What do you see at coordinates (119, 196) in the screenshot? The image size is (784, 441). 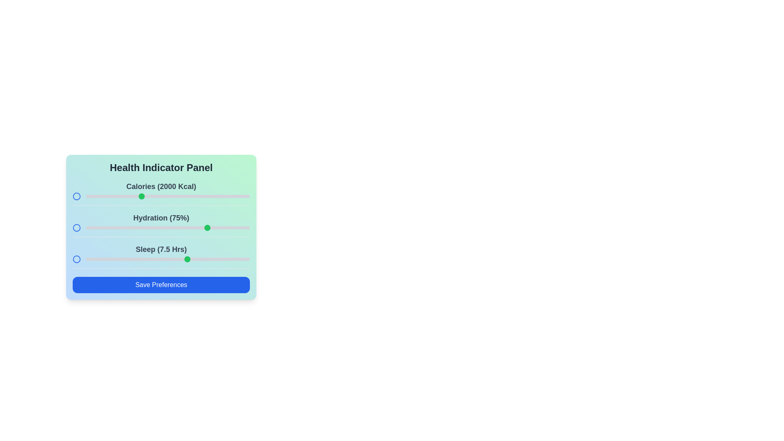 I see `the calories slider to 1808 kcal` at bounding box center [119, 196].